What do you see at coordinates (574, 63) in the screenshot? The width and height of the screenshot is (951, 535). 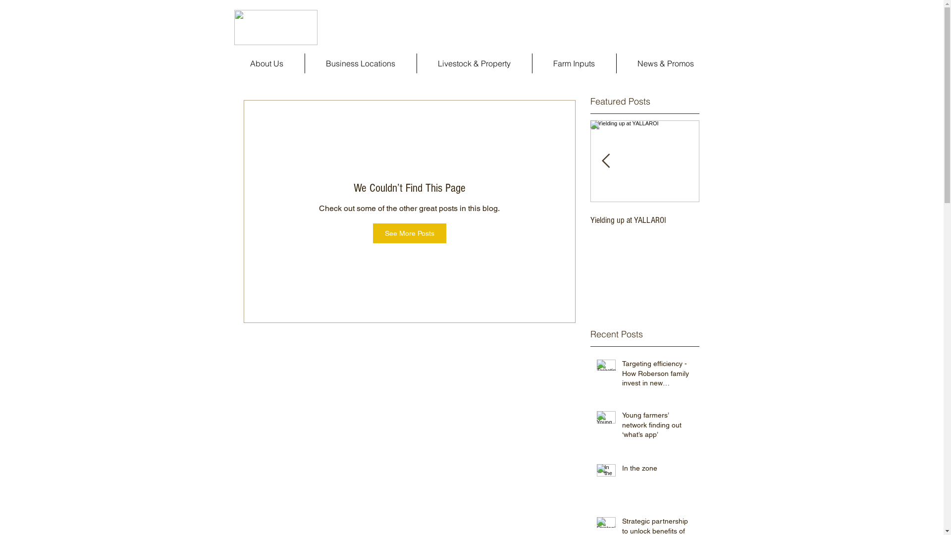 I see `'Farm Inputs'` at bounding box center [574, 63].